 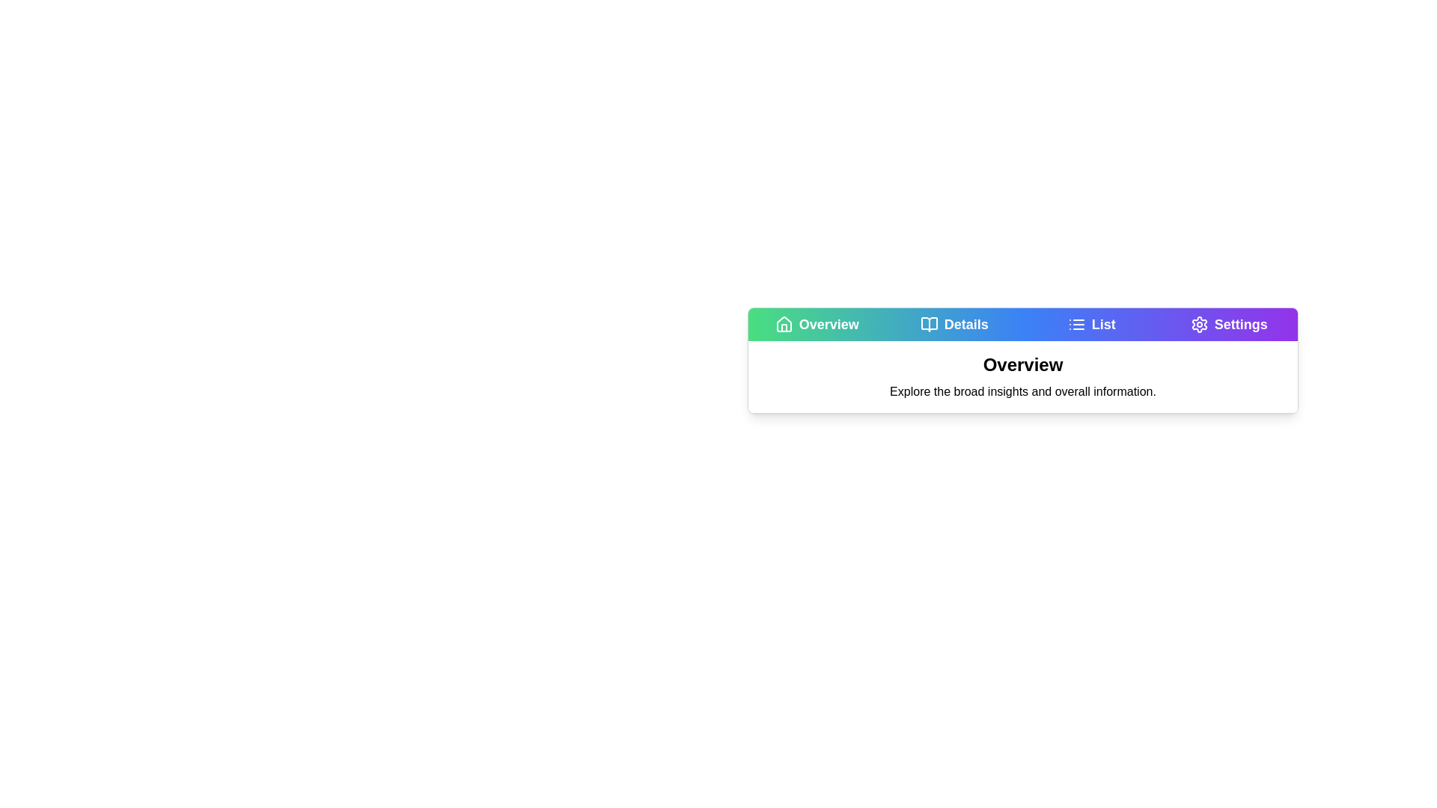 What do you see at coordinates (1022, 391) in the screenshot?
I see `the text element displaying 'Explore the broad insights and overall information.' which is positioned below the 'Overview' heading` at bounding box center [1022, 391].